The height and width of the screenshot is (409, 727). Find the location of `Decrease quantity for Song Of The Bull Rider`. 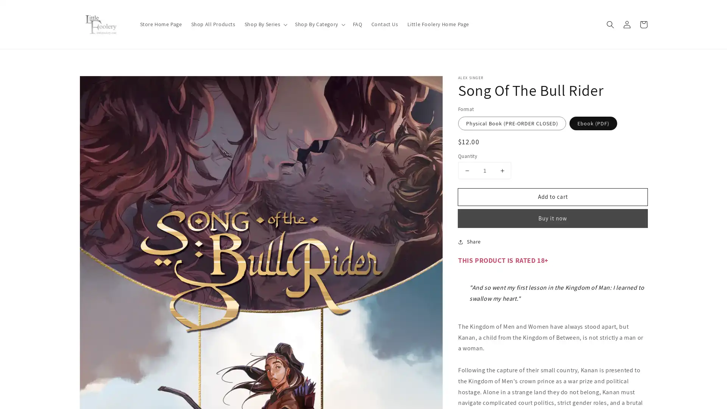

Decrease quantity for Song Of The Bull Rider is located at coordinates (466, 170).